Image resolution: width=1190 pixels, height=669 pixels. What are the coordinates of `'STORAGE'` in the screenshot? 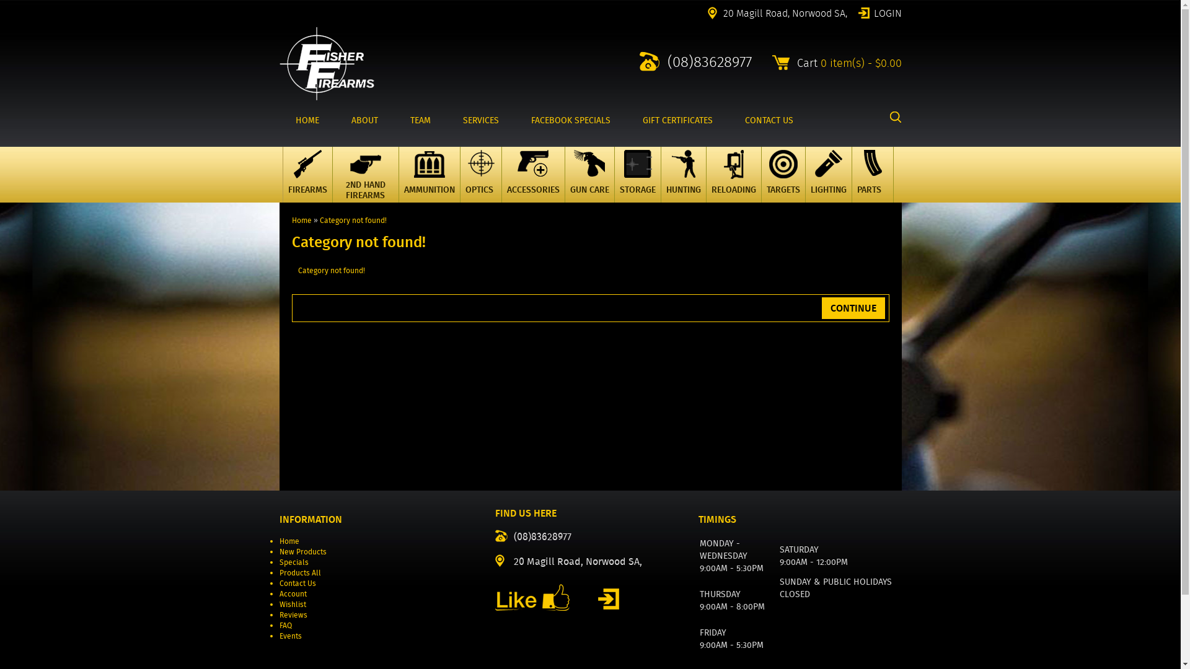 It's located at (637, 174).